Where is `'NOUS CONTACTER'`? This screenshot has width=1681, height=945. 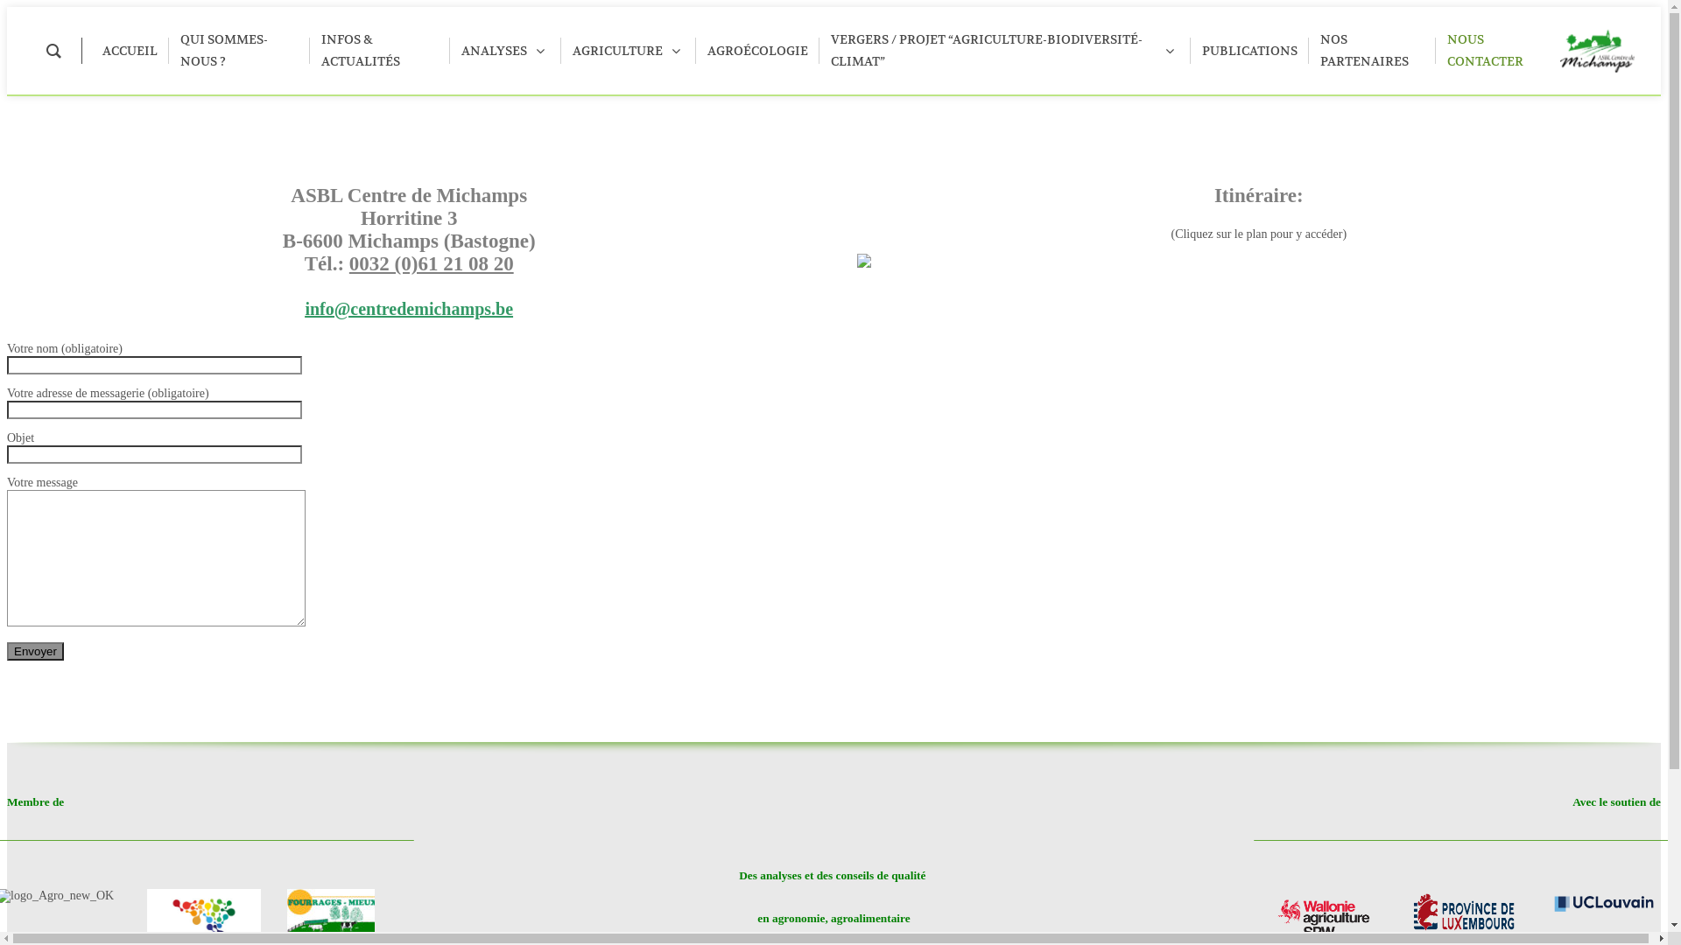
'NOUS CONTACTER' is located at coordinates (1497, 49).